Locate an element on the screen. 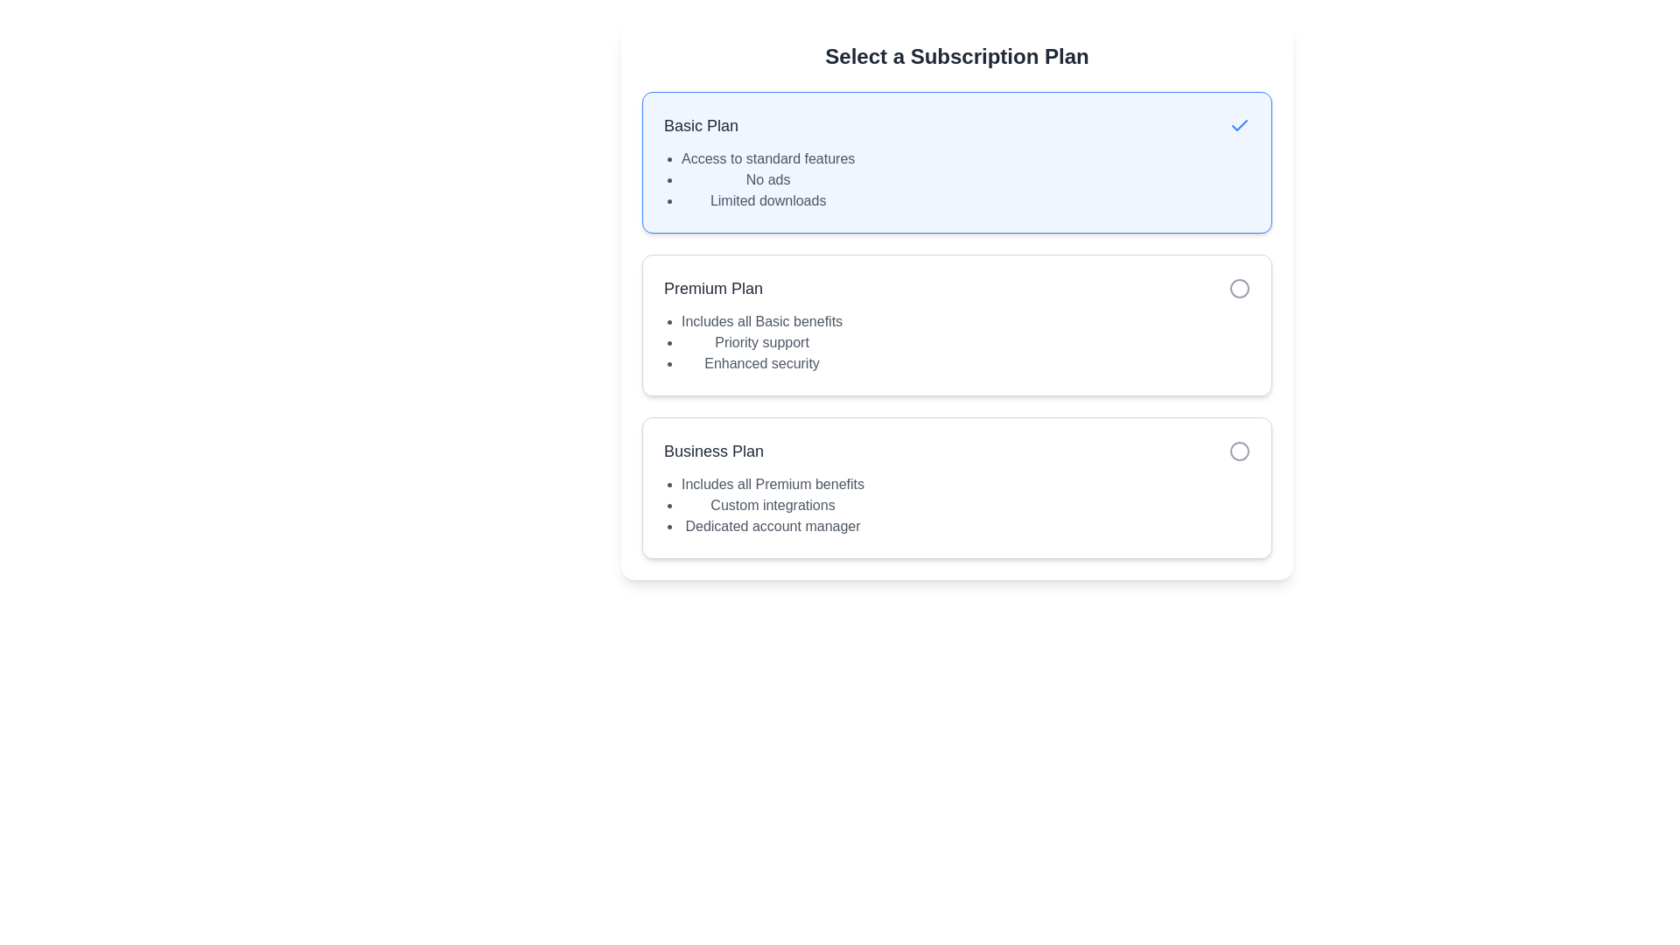 Image resolution: width=1680 pixels, height=945 pixels. the text element that conveys the benefit of having a dedicated account manager in the Business Plan section, which is the last item in the bulleted list is located at coordinates (772, 525).